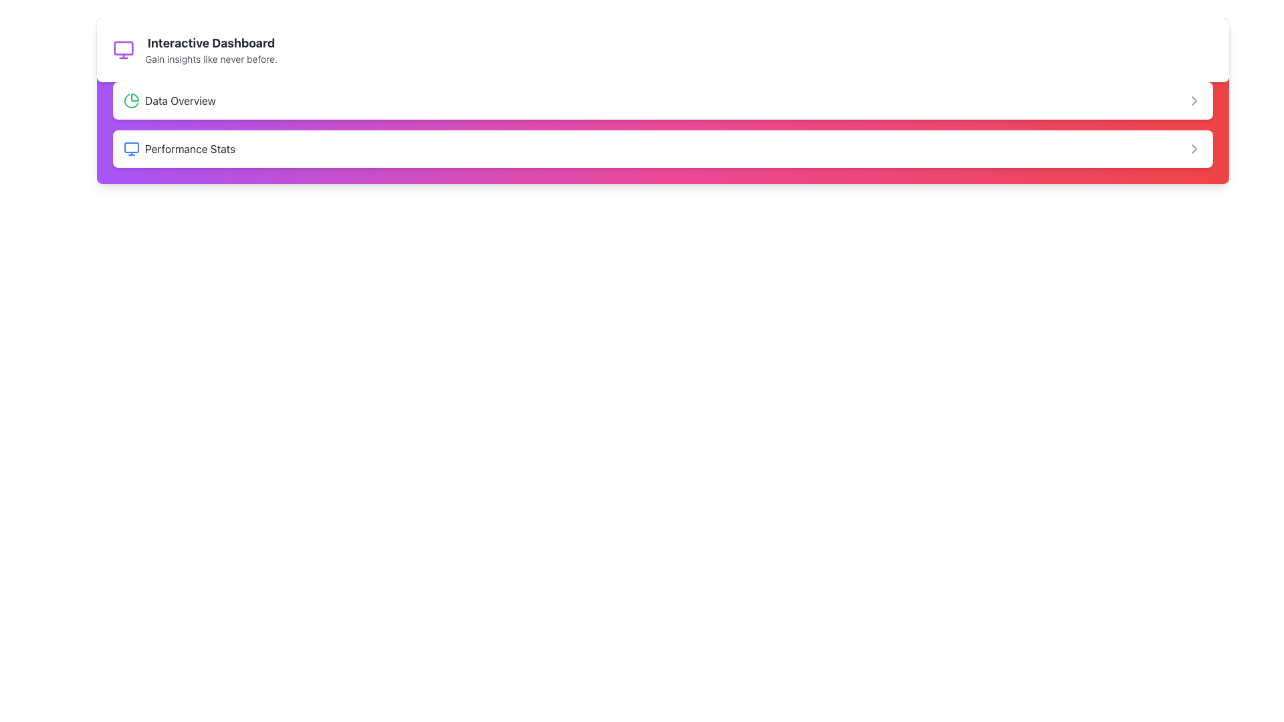 The image size is (1284, 722). Describe the element at coordinates (169, 100) in the screenshot. I see `the 'Data Overview' menu item, which serves as a section header providing access to data summaries` at that location.